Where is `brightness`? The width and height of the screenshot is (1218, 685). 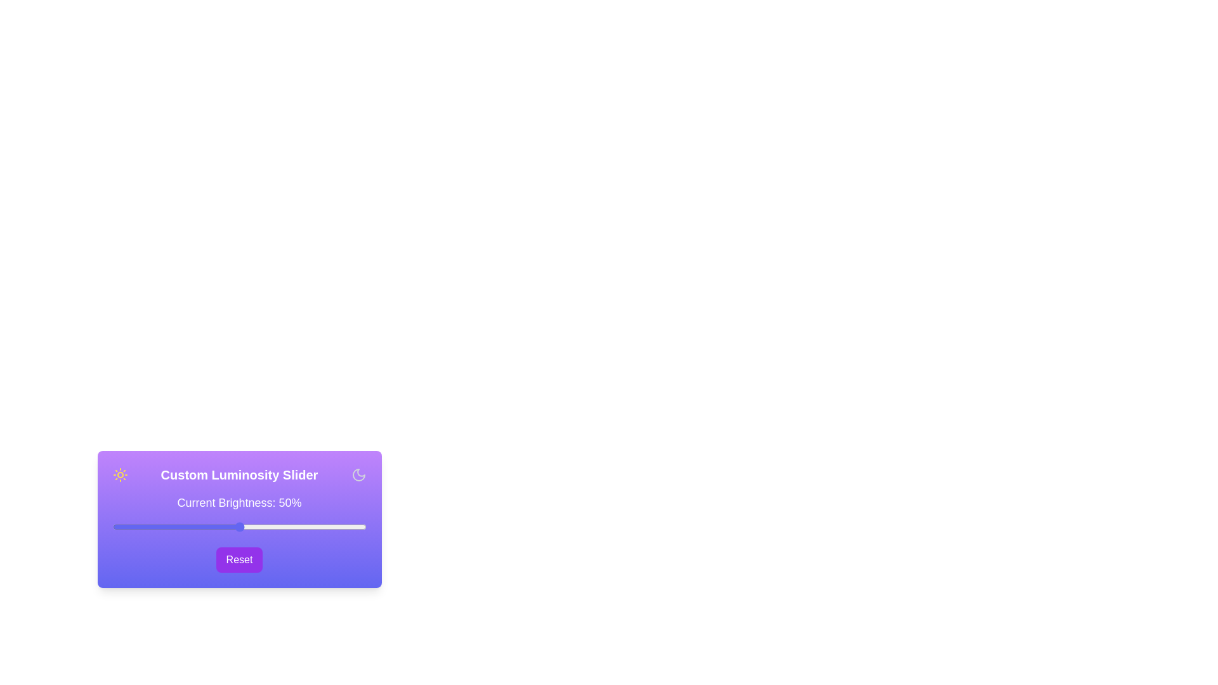
brightness is located at coordinates (252, 526).